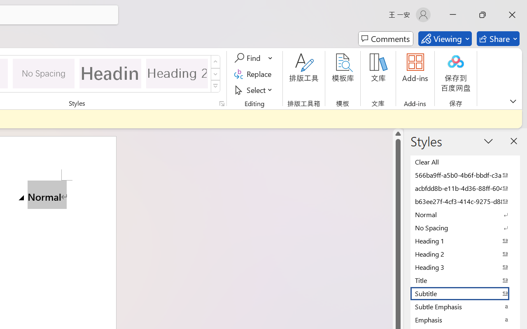 The height and width of the screenshot is (329, 527). Describe the element at coordinates (465, 188) in the screenshot. I see `'acbfdd8b-e11b-4d36-88ff-6049b138f862'` at that location.